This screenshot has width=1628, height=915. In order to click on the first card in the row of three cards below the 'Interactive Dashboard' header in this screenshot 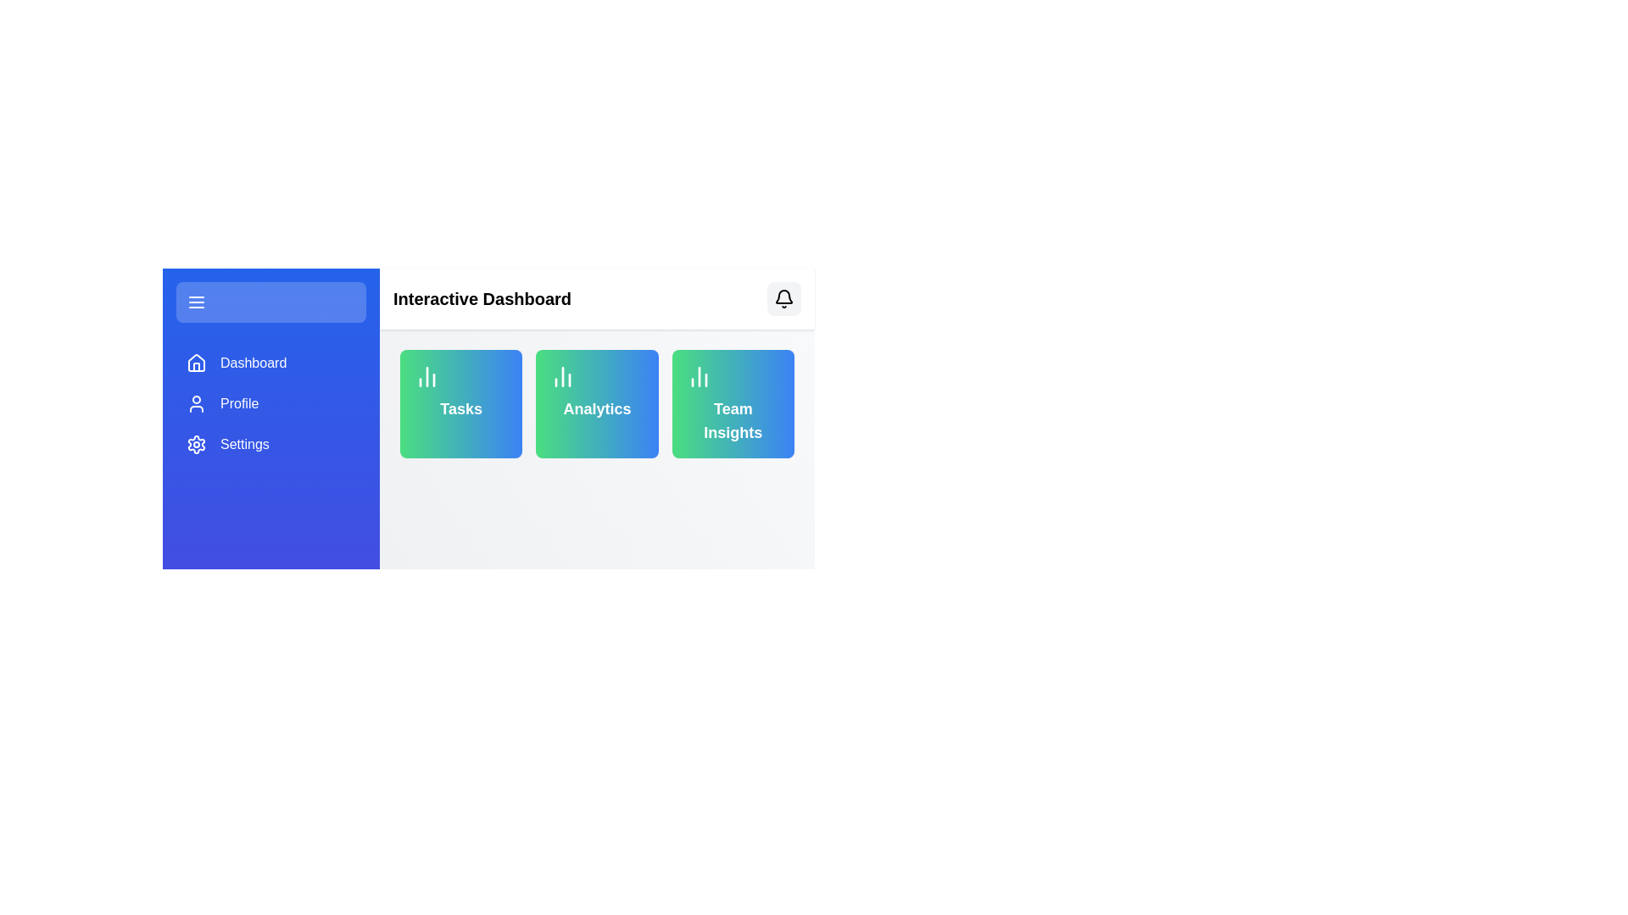, I will do `click(461, 404)`.